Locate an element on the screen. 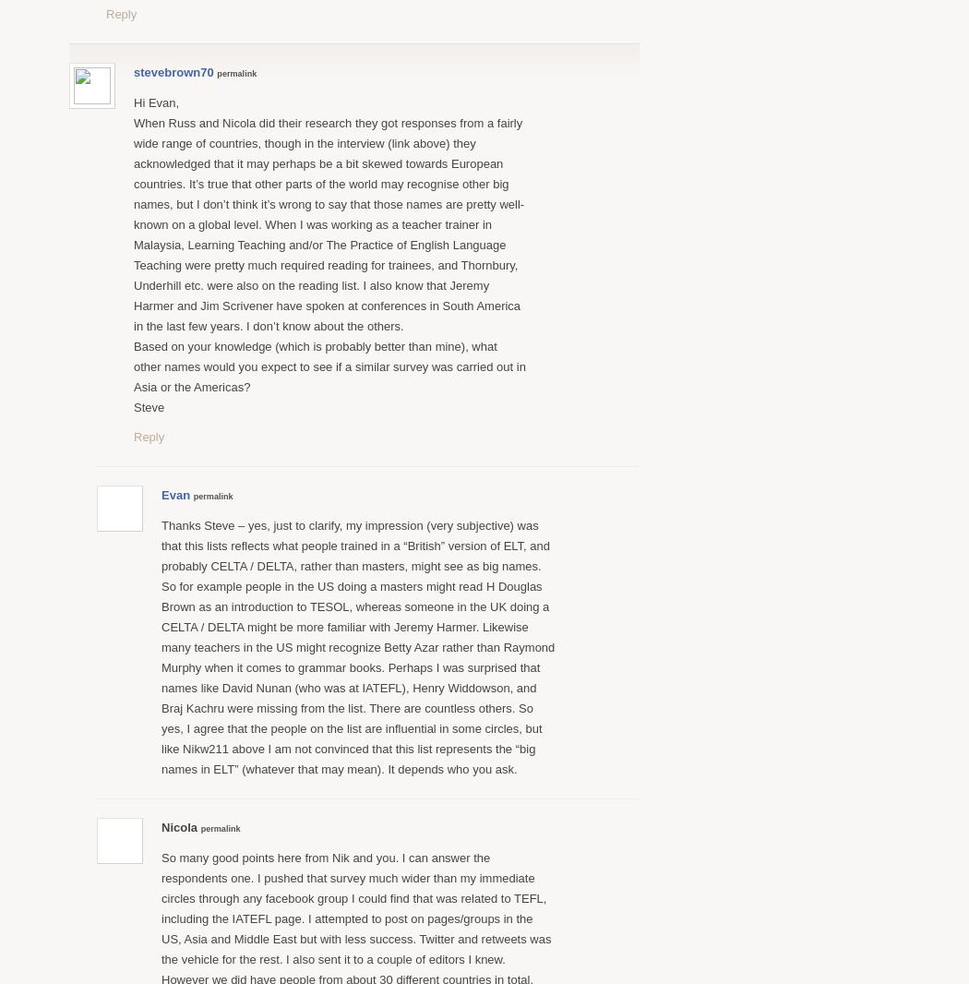 The height and width of the screenshot is (984, 969). 'Steve' is located at coordinates (149, 406).